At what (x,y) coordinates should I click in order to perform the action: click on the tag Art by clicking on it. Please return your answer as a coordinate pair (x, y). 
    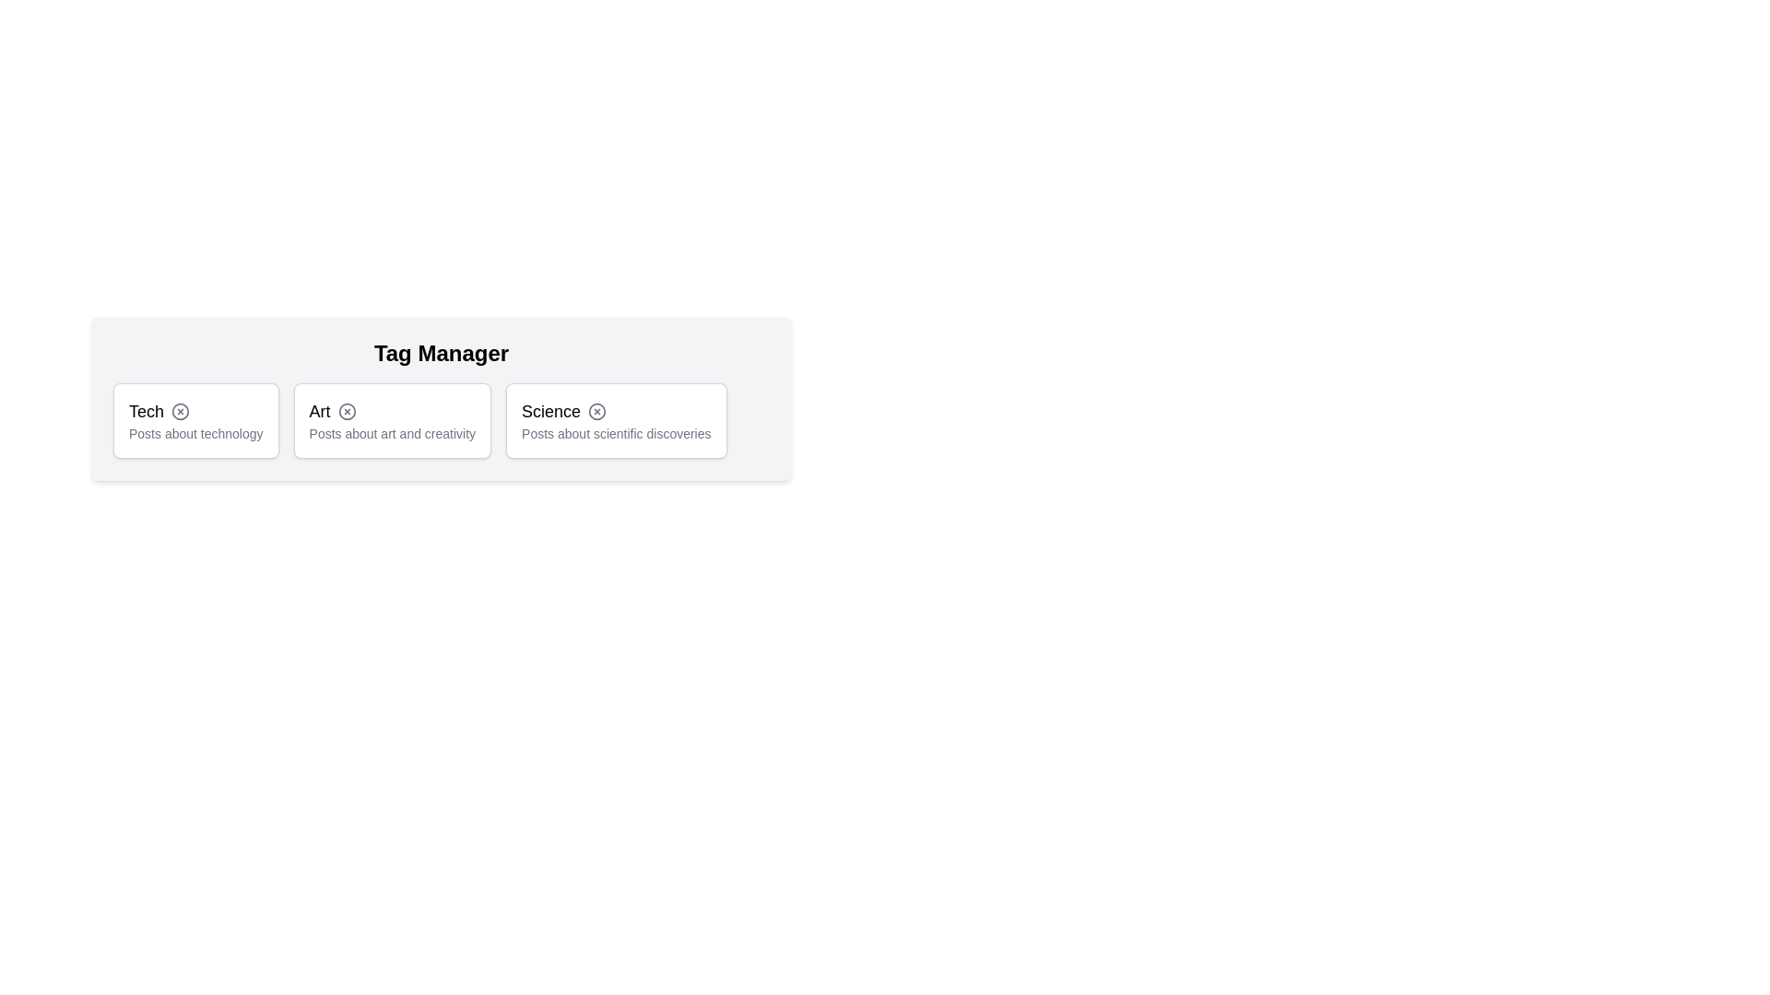
    Looking at the image, I should click on (391, 420).